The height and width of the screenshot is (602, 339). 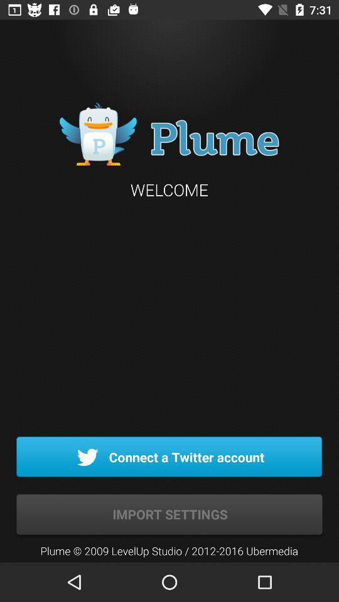 I want to click on the icon above plume 2009 levelup item, so click(x=169, y=515).